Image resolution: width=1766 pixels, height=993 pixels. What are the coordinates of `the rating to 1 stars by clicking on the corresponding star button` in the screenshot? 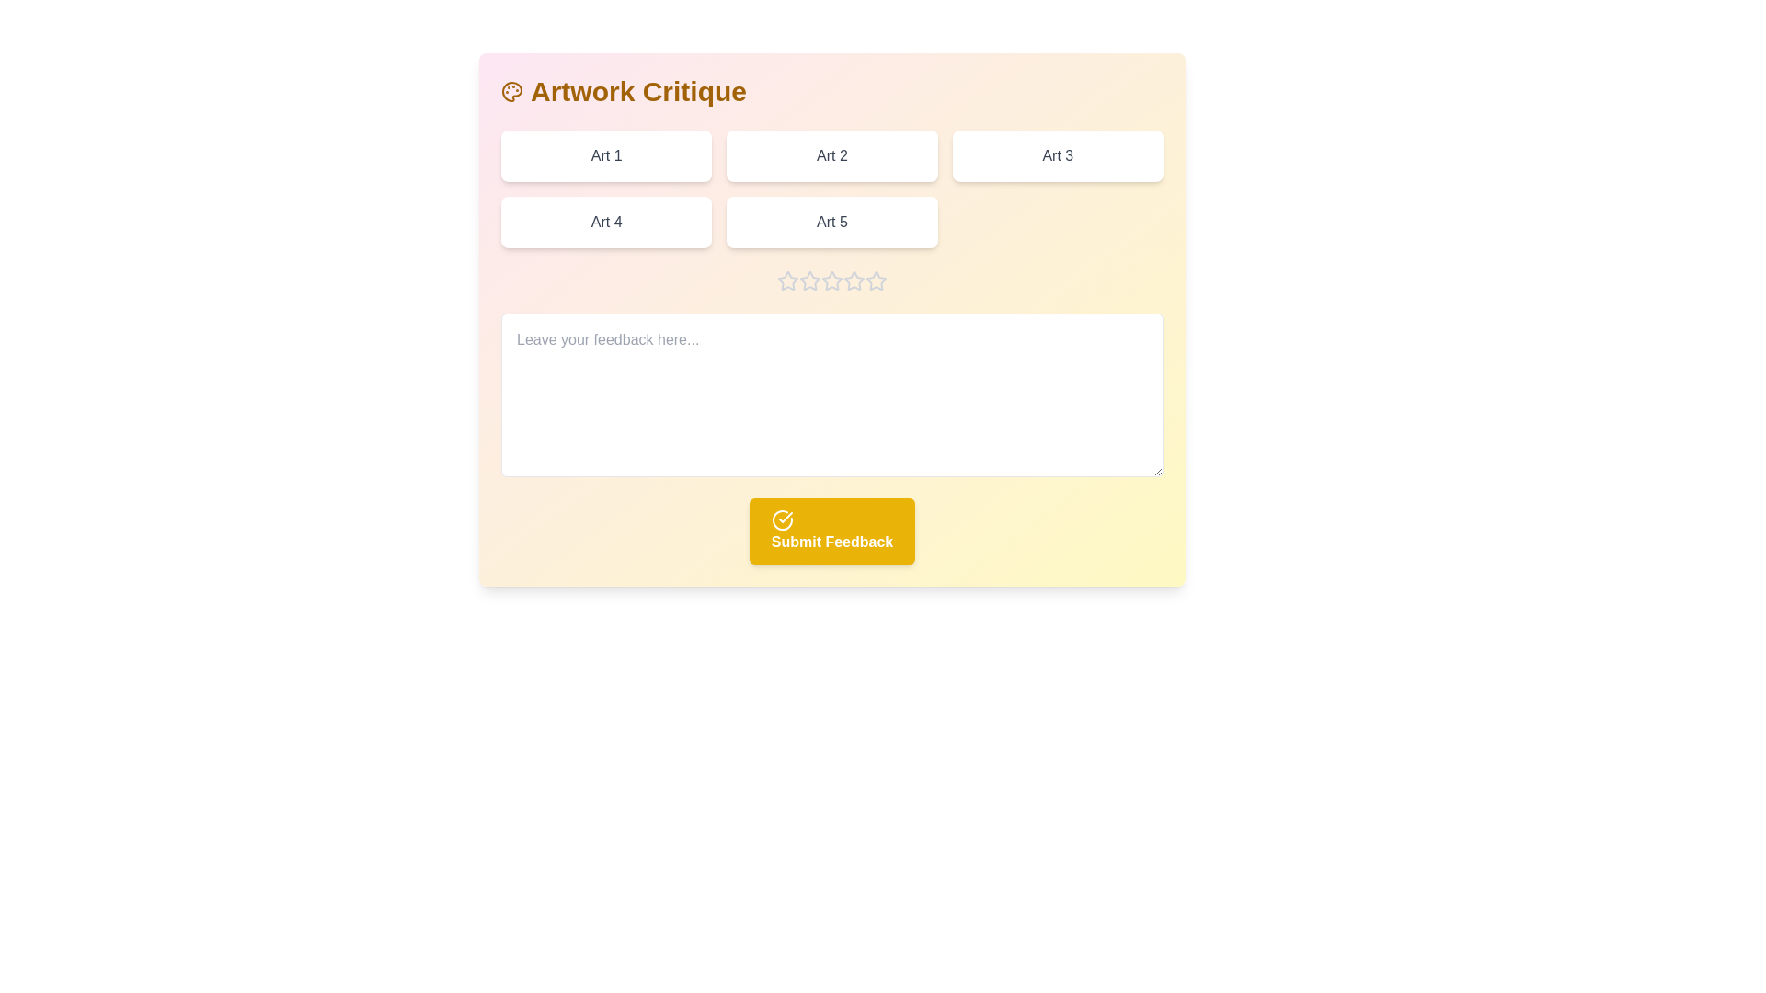 It's located at (788, 280).